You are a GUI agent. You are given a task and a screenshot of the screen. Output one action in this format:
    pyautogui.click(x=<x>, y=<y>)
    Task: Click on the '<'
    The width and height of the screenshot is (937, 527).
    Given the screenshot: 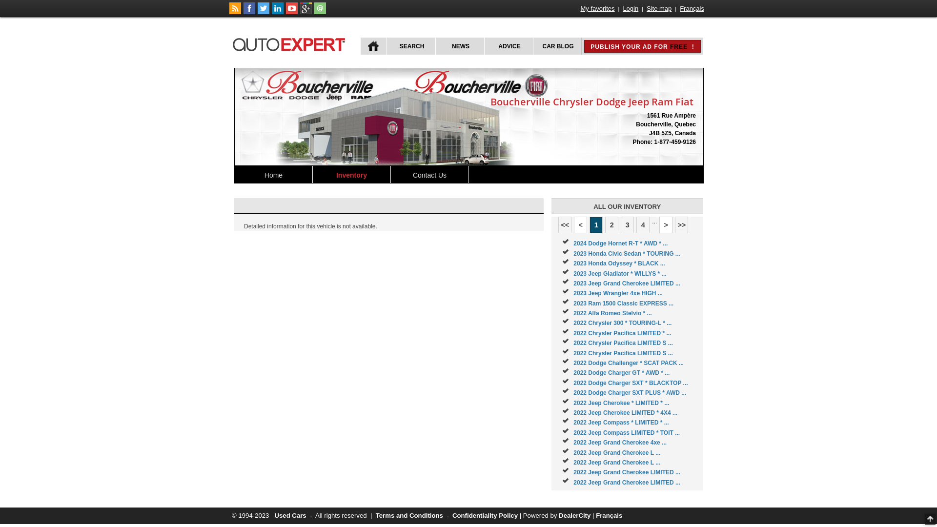 What is the action you would take?
    pyautogui.click(x=580, y=225)
    